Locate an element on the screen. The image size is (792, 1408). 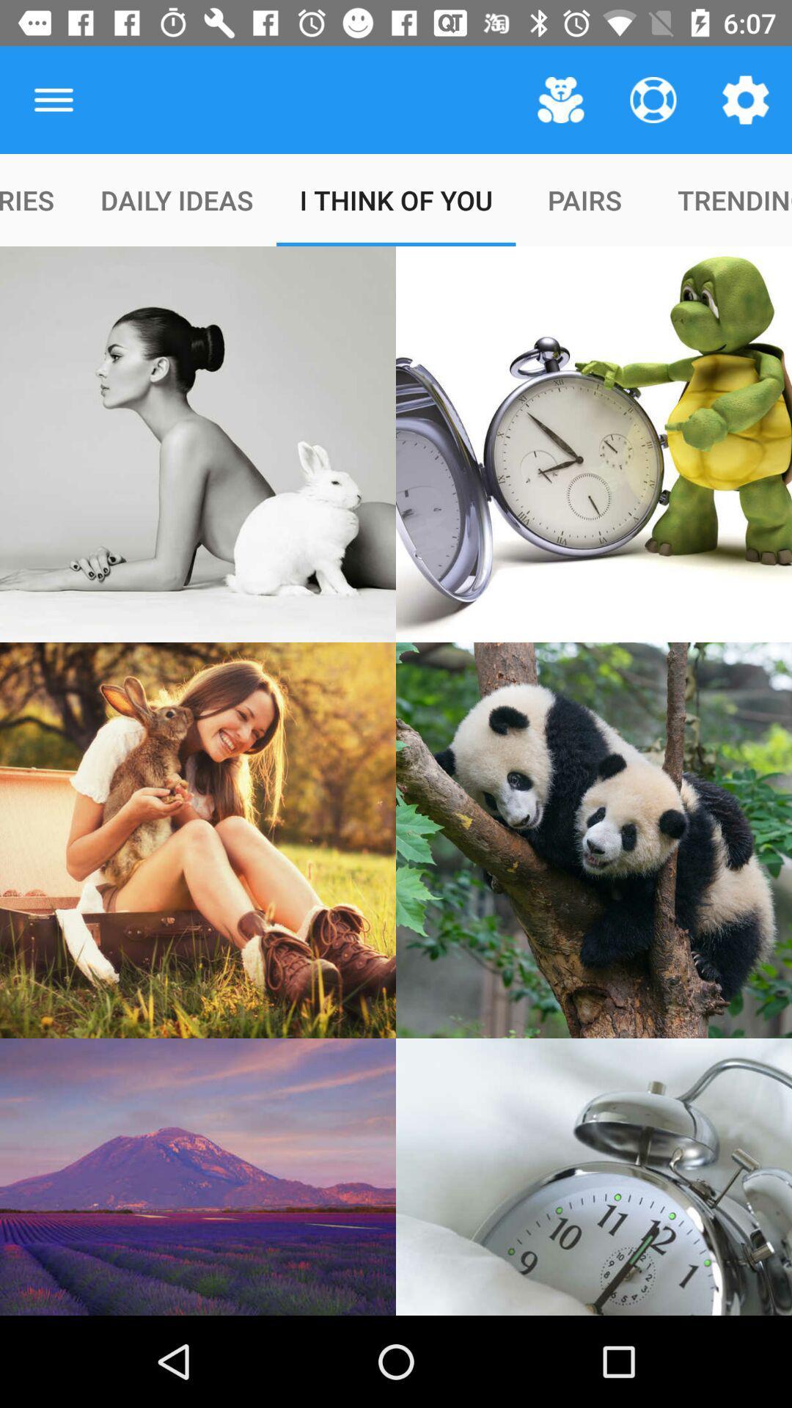
the item above the pairs is located at coordinates (653, 99).